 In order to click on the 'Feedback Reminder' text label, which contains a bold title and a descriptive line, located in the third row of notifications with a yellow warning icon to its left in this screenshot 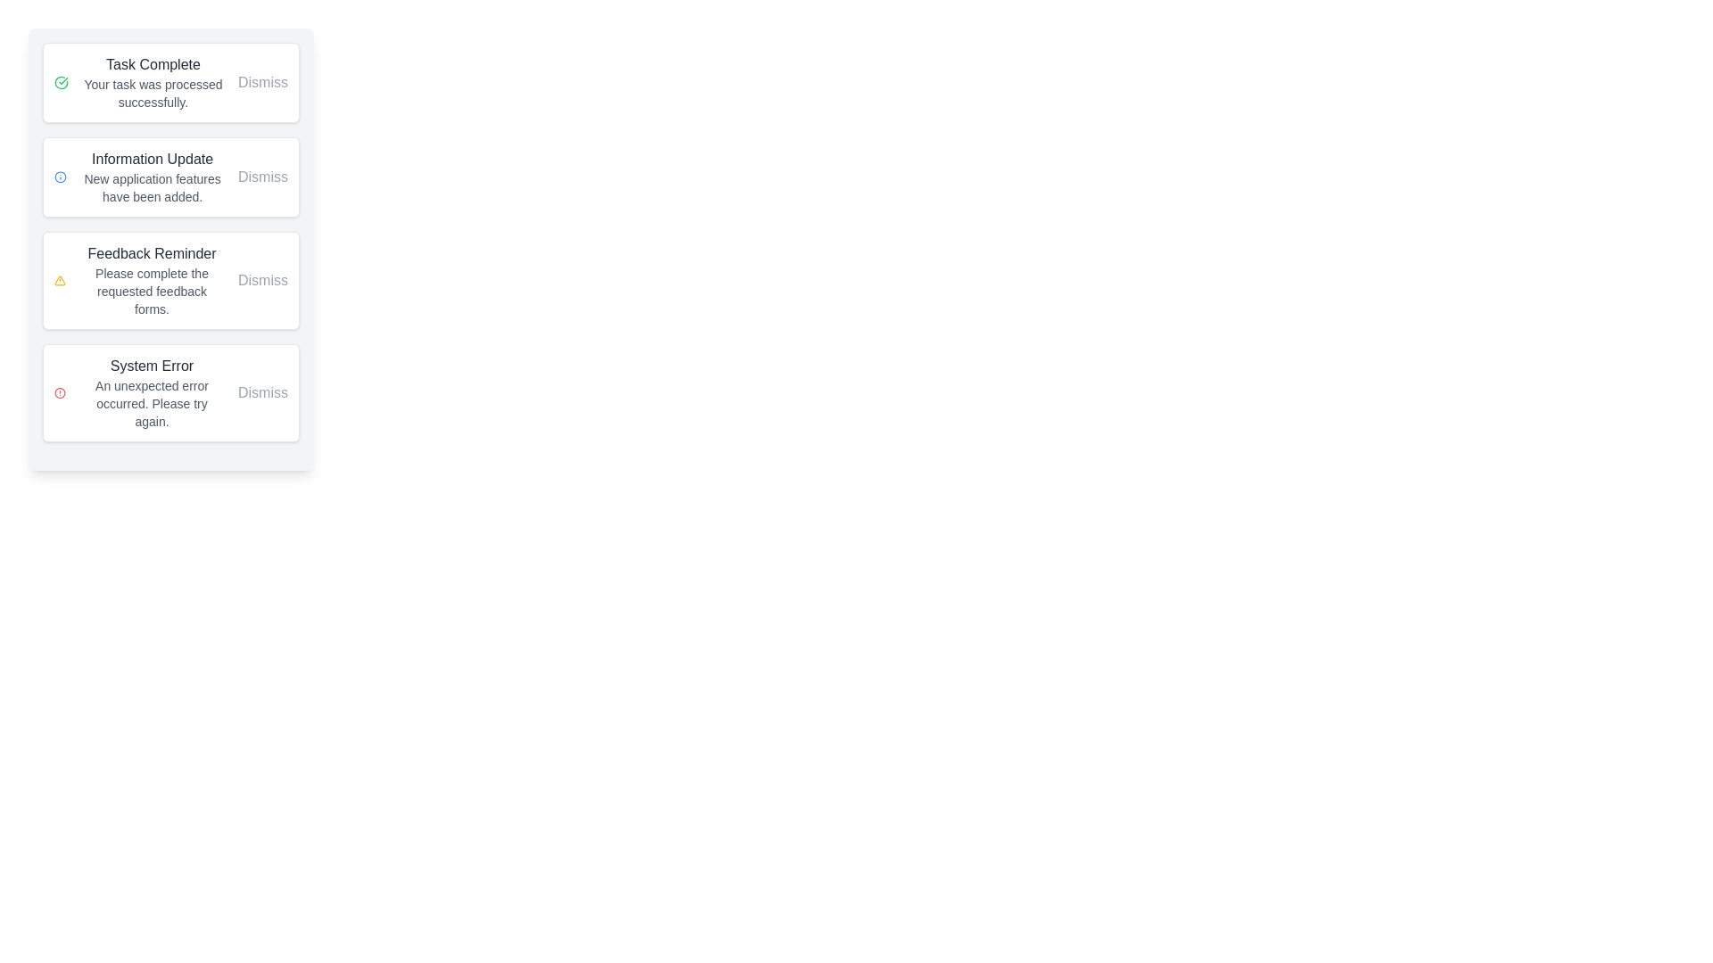, I will do `click(152, 281)`.